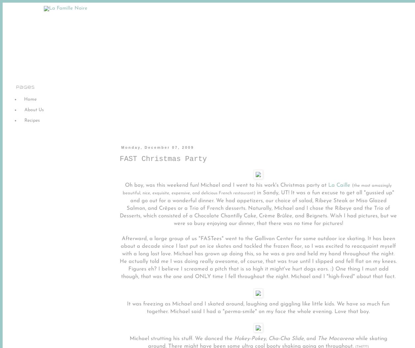  I want to click on 'It was freezing as Michael and I skated around, laughing and giggling like little kids. We have so much fun together. Michael said I had a "perma-smile" on my face the whole evening. Love that boy.', so click(258, 307).